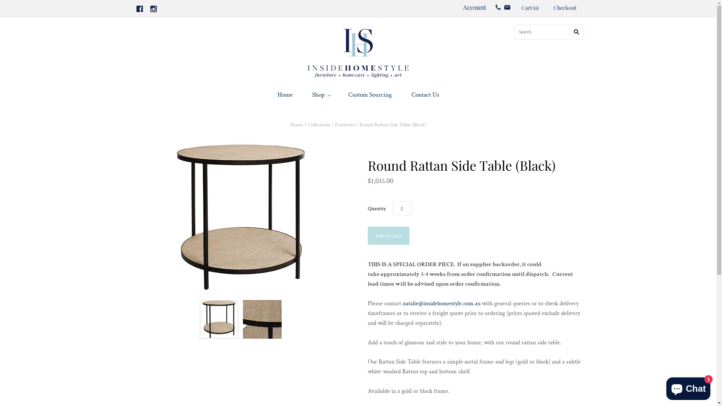 The image size is (722, 406). Describe the element at coordinates (664, 387) in the screenshot. I see `'Shopify online store chat'` at that location.